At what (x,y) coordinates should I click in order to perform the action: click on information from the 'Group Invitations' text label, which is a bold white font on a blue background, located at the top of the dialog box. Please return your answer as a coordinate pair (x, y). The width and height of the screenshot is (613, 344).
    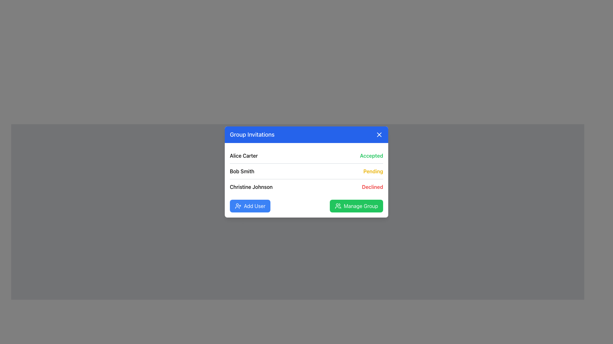
    Looking at the image, I should click on (252, 134).